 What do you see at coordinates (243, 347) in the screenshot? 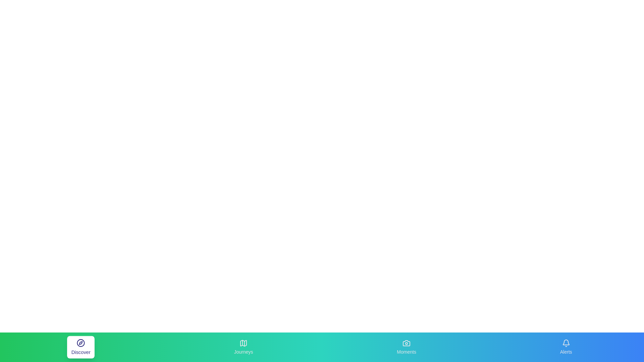
I see `the Journeys tab by clicking on its icon or label` at bounding box center [243, 347].